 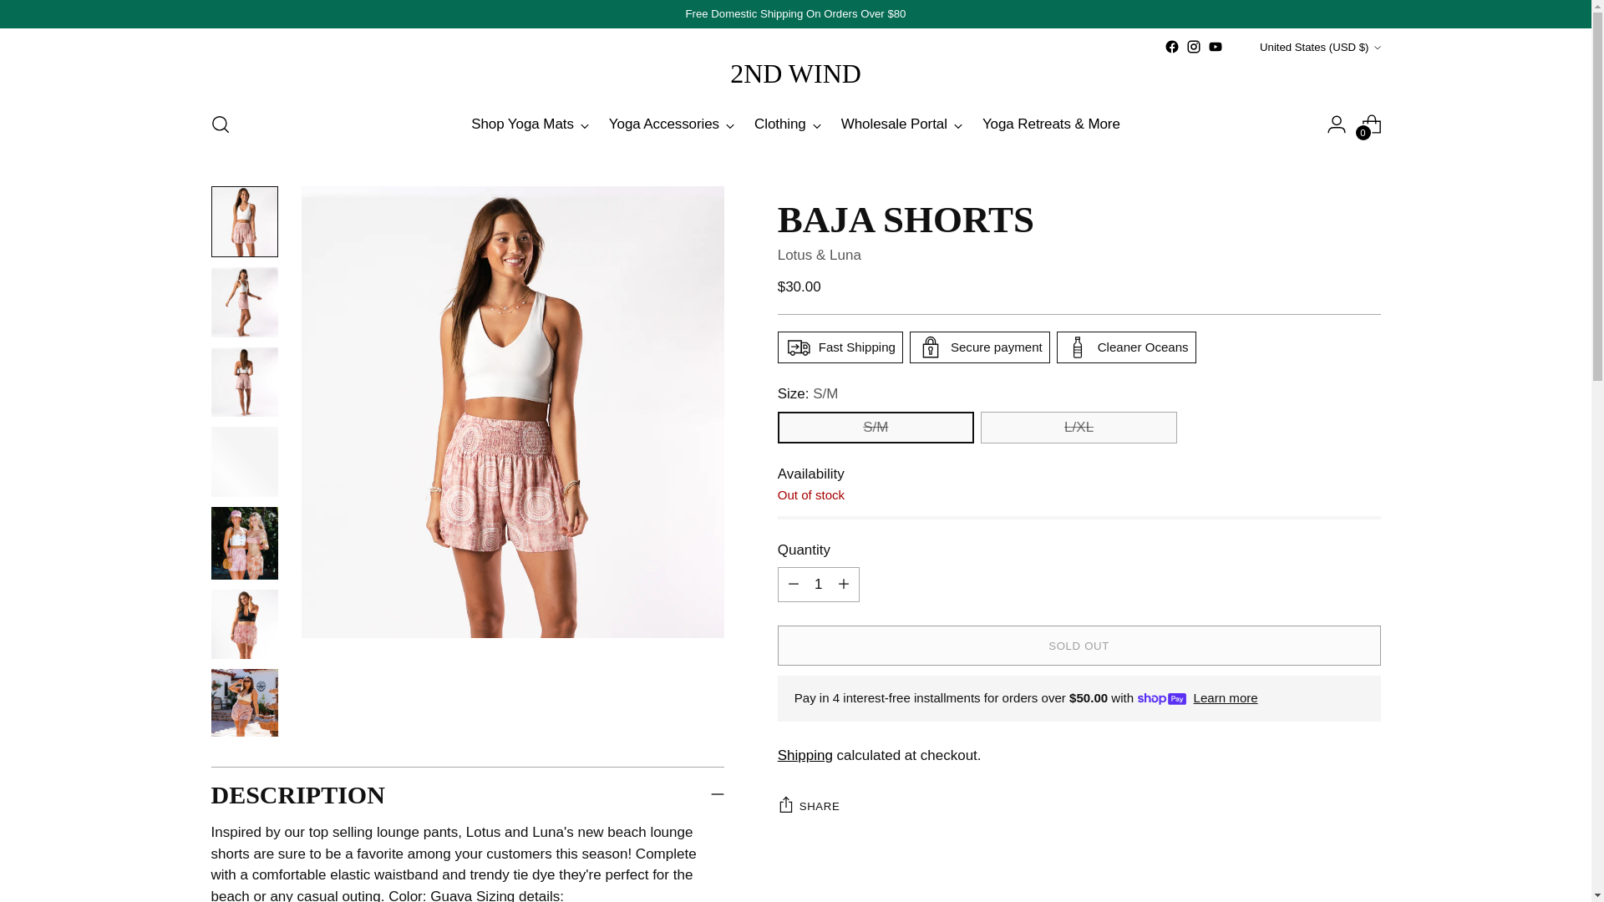 I want to click on 'Clothing', so click(x=786, y=124).